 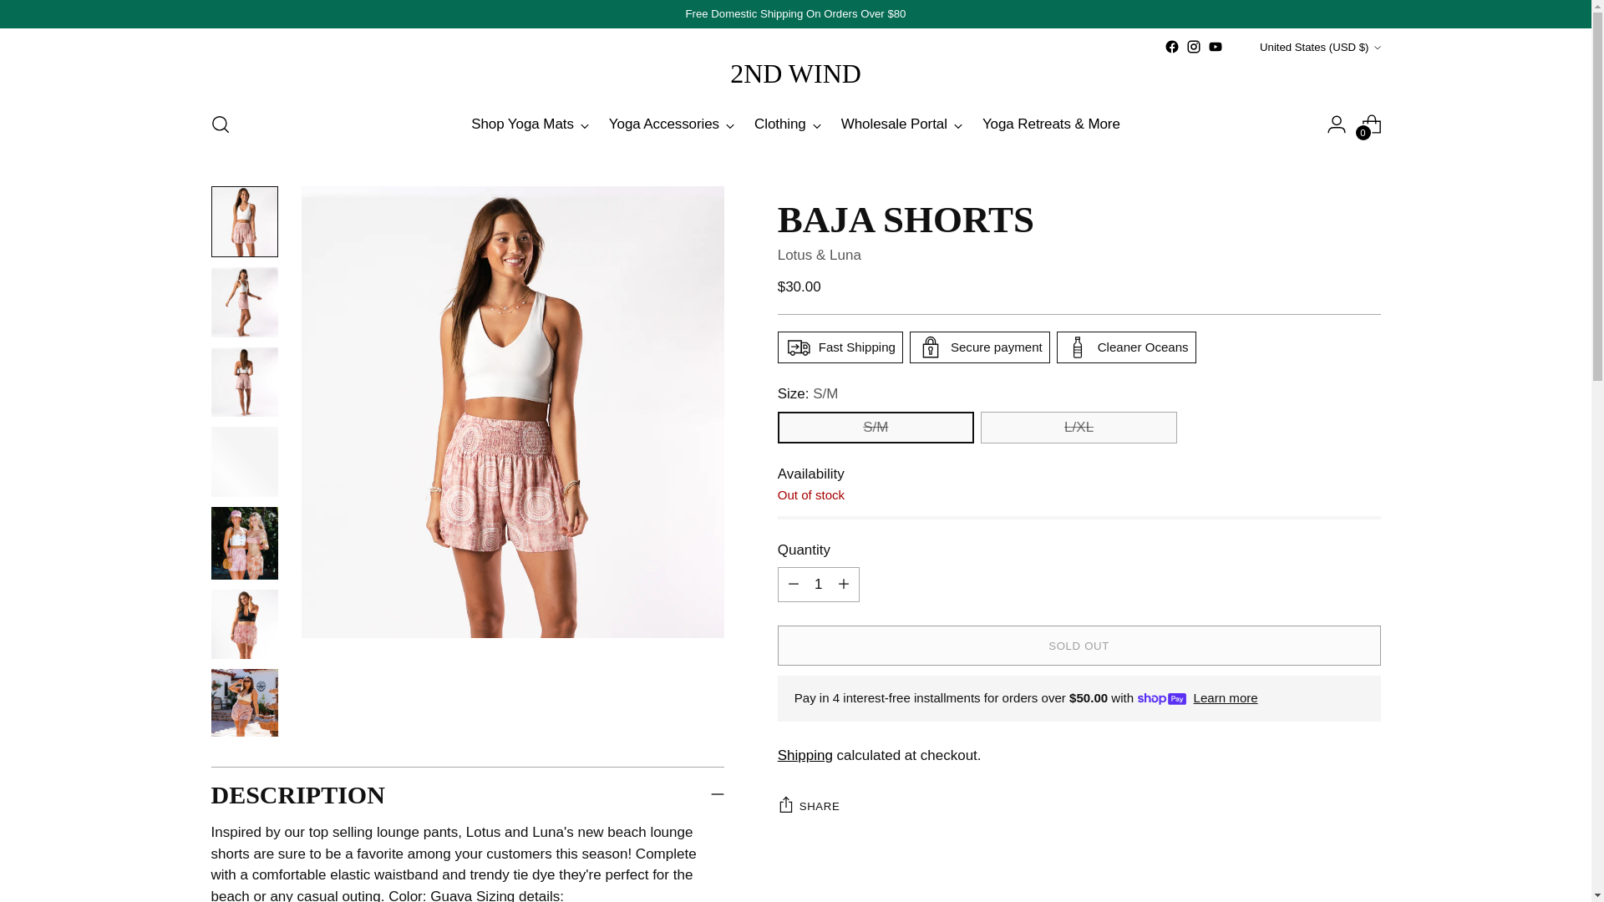 I want to click on 'Clothing', so click(x=786, y=124).